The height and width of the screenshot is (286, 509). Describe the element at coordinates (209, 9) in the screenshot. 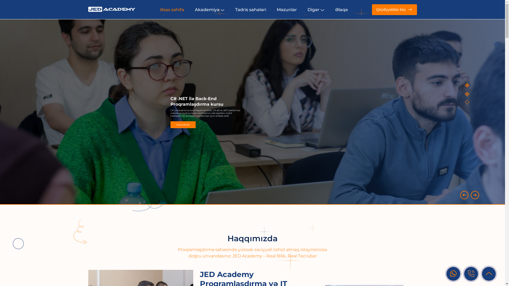

I see `'Akademiya'` at that location.